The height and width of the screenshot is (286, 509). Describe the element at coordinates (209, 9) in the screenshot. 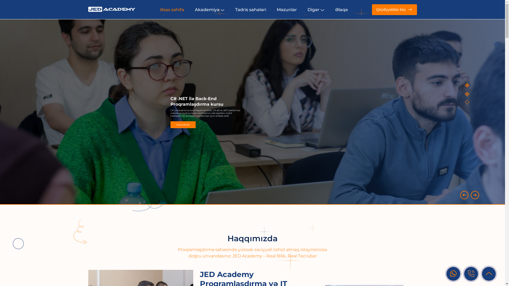

I see `'Akademiya'` at that location.